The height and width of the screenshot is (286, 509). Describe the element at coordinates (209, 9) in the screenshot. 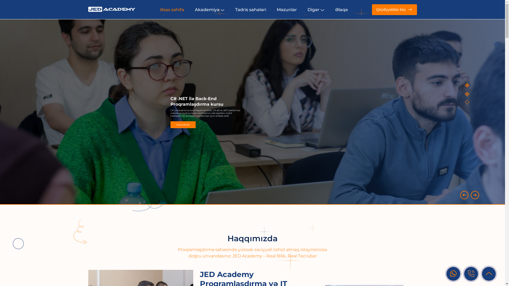

I see `'Akademiya'` at that location.